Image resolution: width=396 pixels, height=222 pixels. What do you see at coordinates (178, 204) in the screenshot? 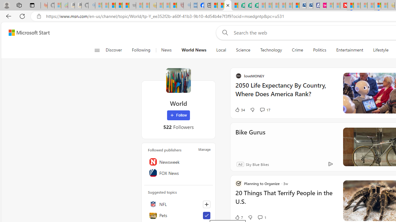
I see `'NFL'` at bounding box center [178, 204].